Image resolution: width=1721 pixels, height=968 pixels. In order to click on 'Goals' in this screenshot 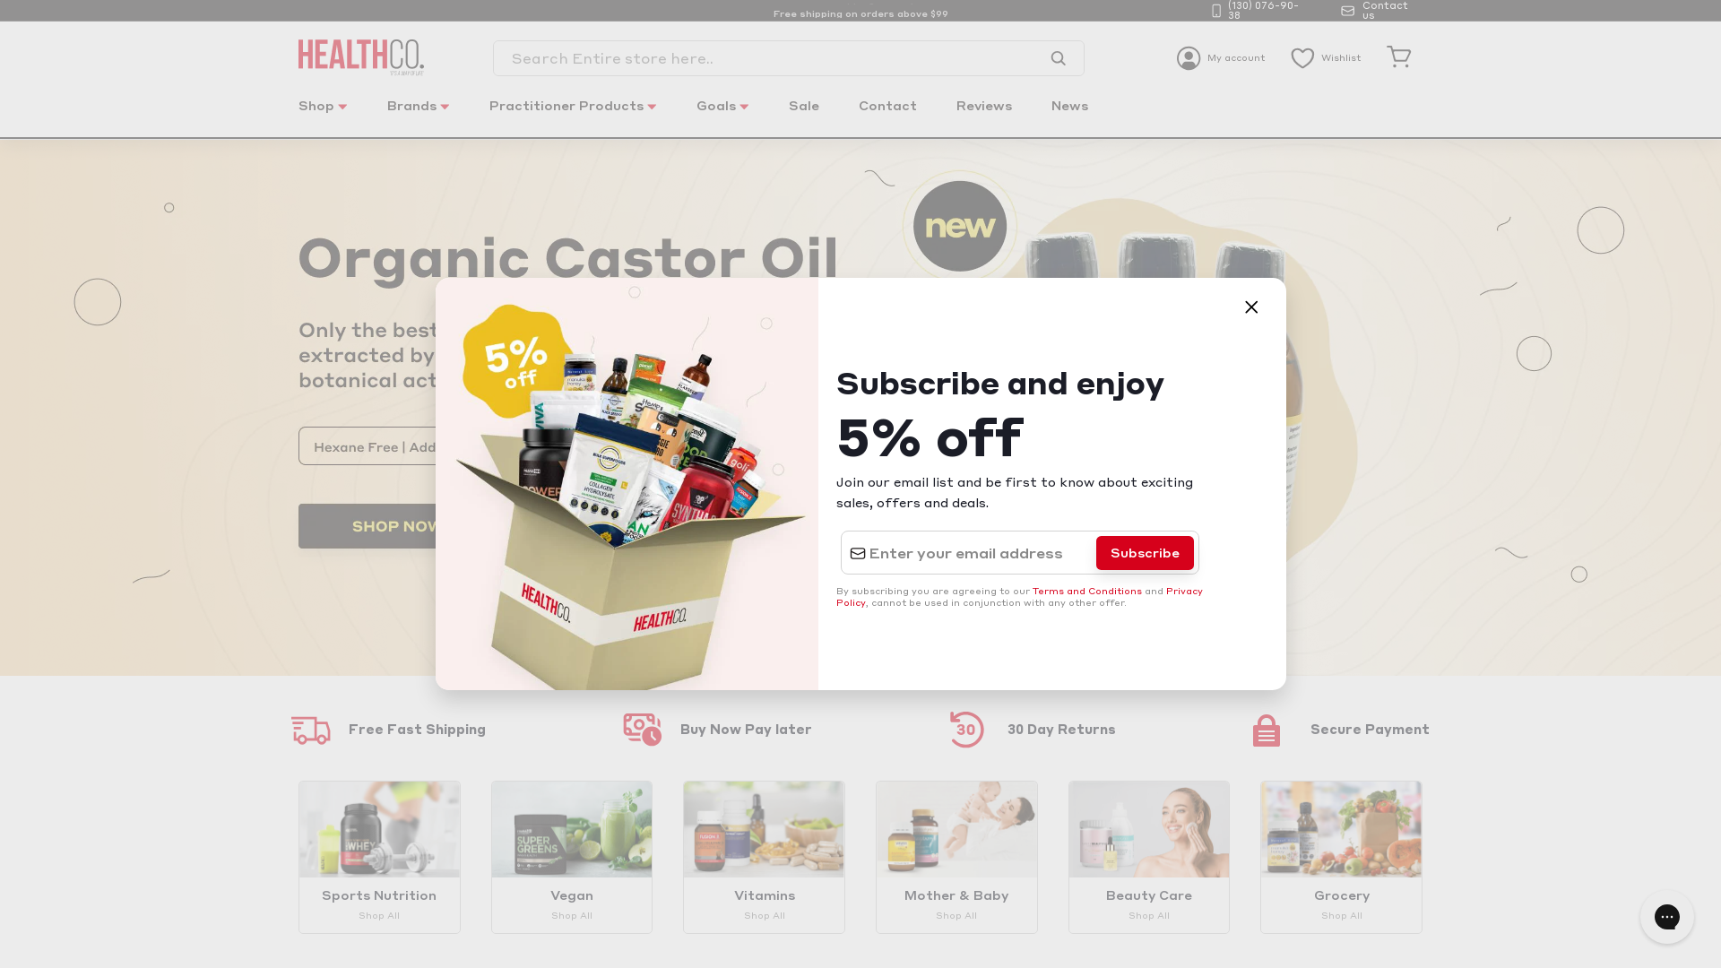, I will do `click(678, 116)`.